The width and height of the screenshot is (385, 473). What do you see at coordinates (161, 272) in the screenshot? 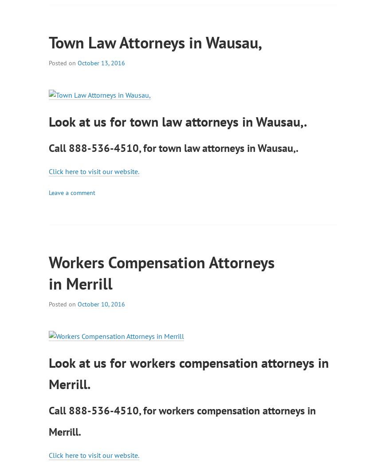
I see `'Workers Compensation Attorneys in Merrill'` at bounding box center [161, 272].